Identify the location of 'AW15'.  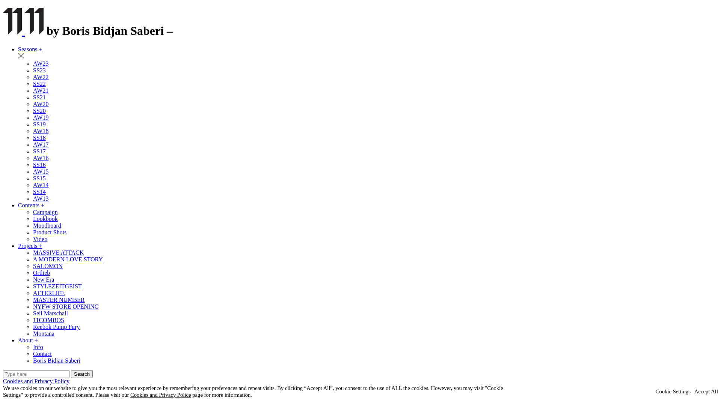
(40, 171).